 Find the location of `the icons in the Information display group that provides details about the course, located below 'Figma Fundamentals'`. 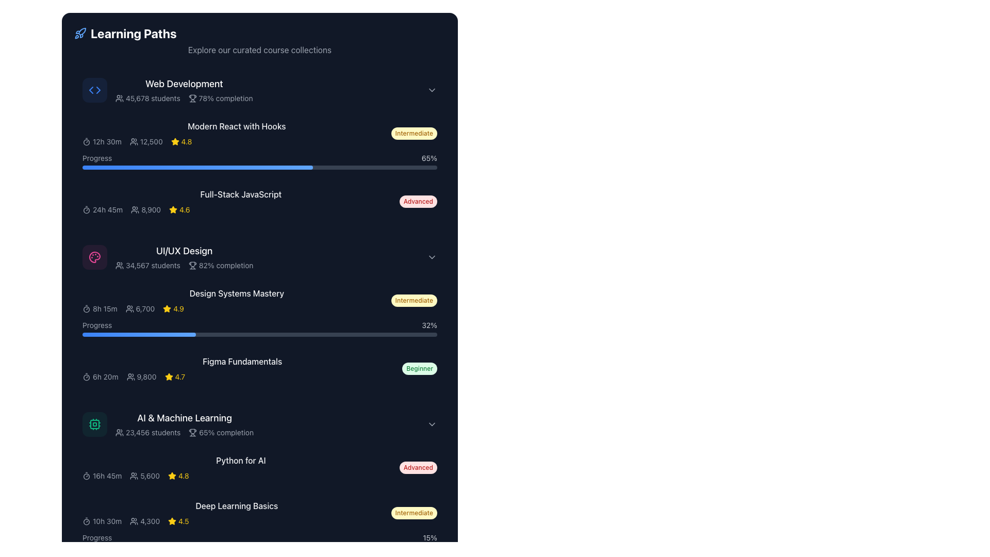

the icons in the Information display group that provides details about the course, located below 'Figma Fundamentals' is located at coordinates (242, 377).